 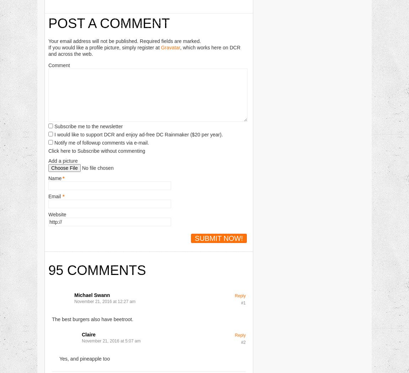 I want to click on 'Gravatar', so click(x=160, y=47).